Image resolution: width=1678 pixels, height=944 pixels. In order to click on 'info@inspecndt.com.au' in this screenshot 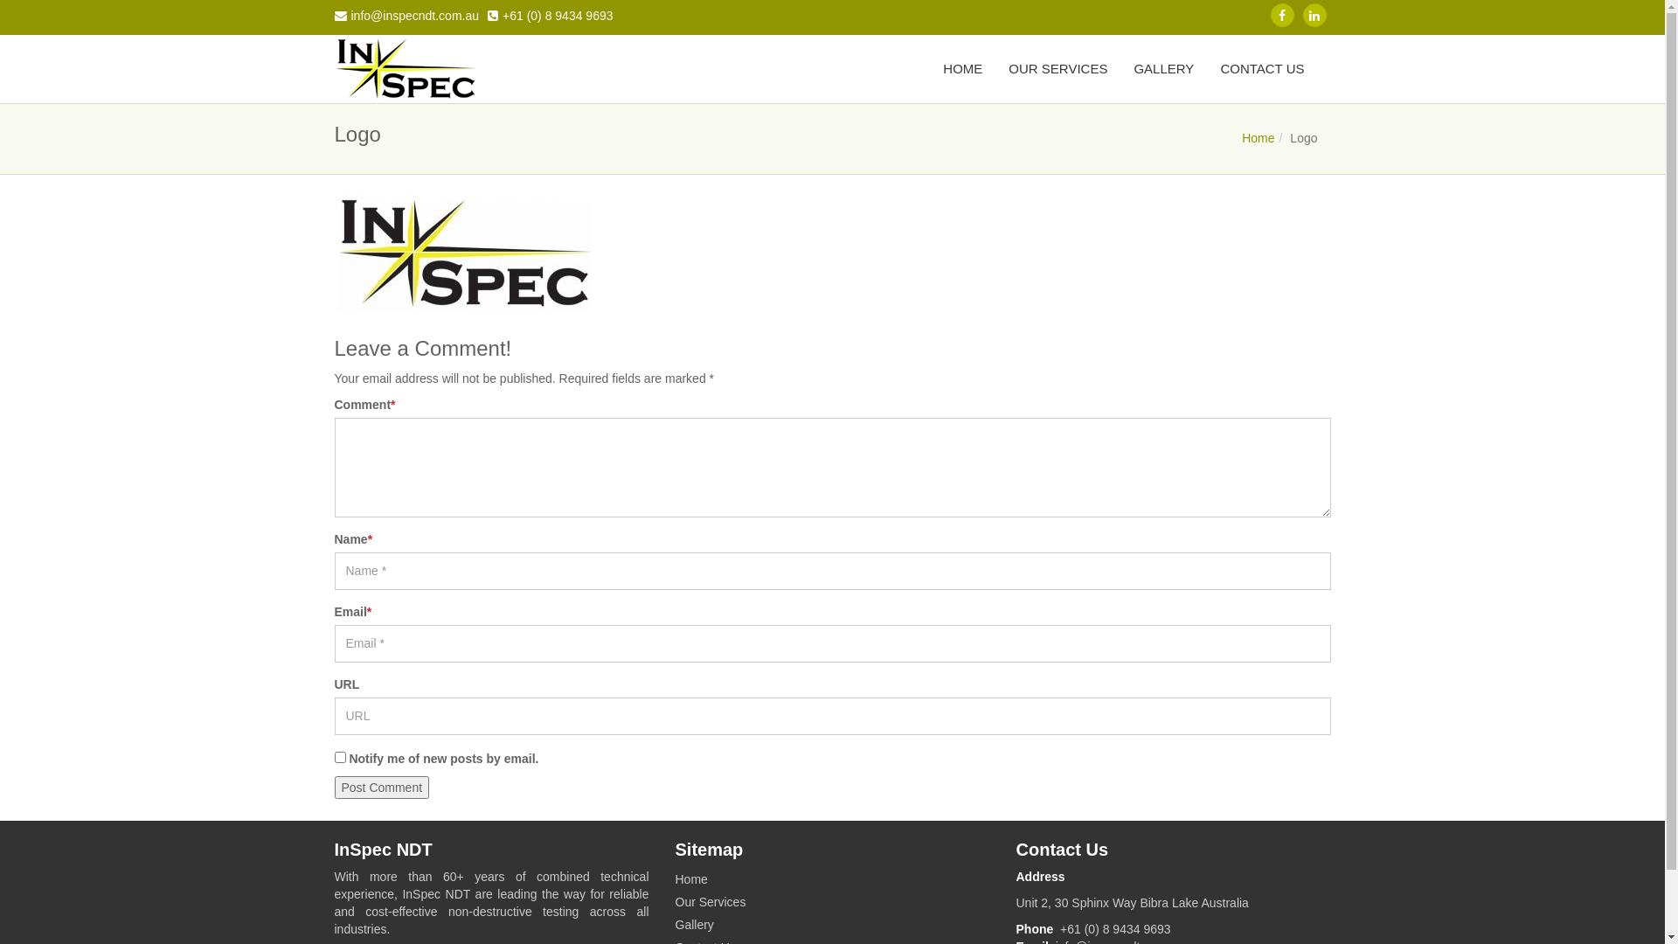, I will do `click(406, 12)`.